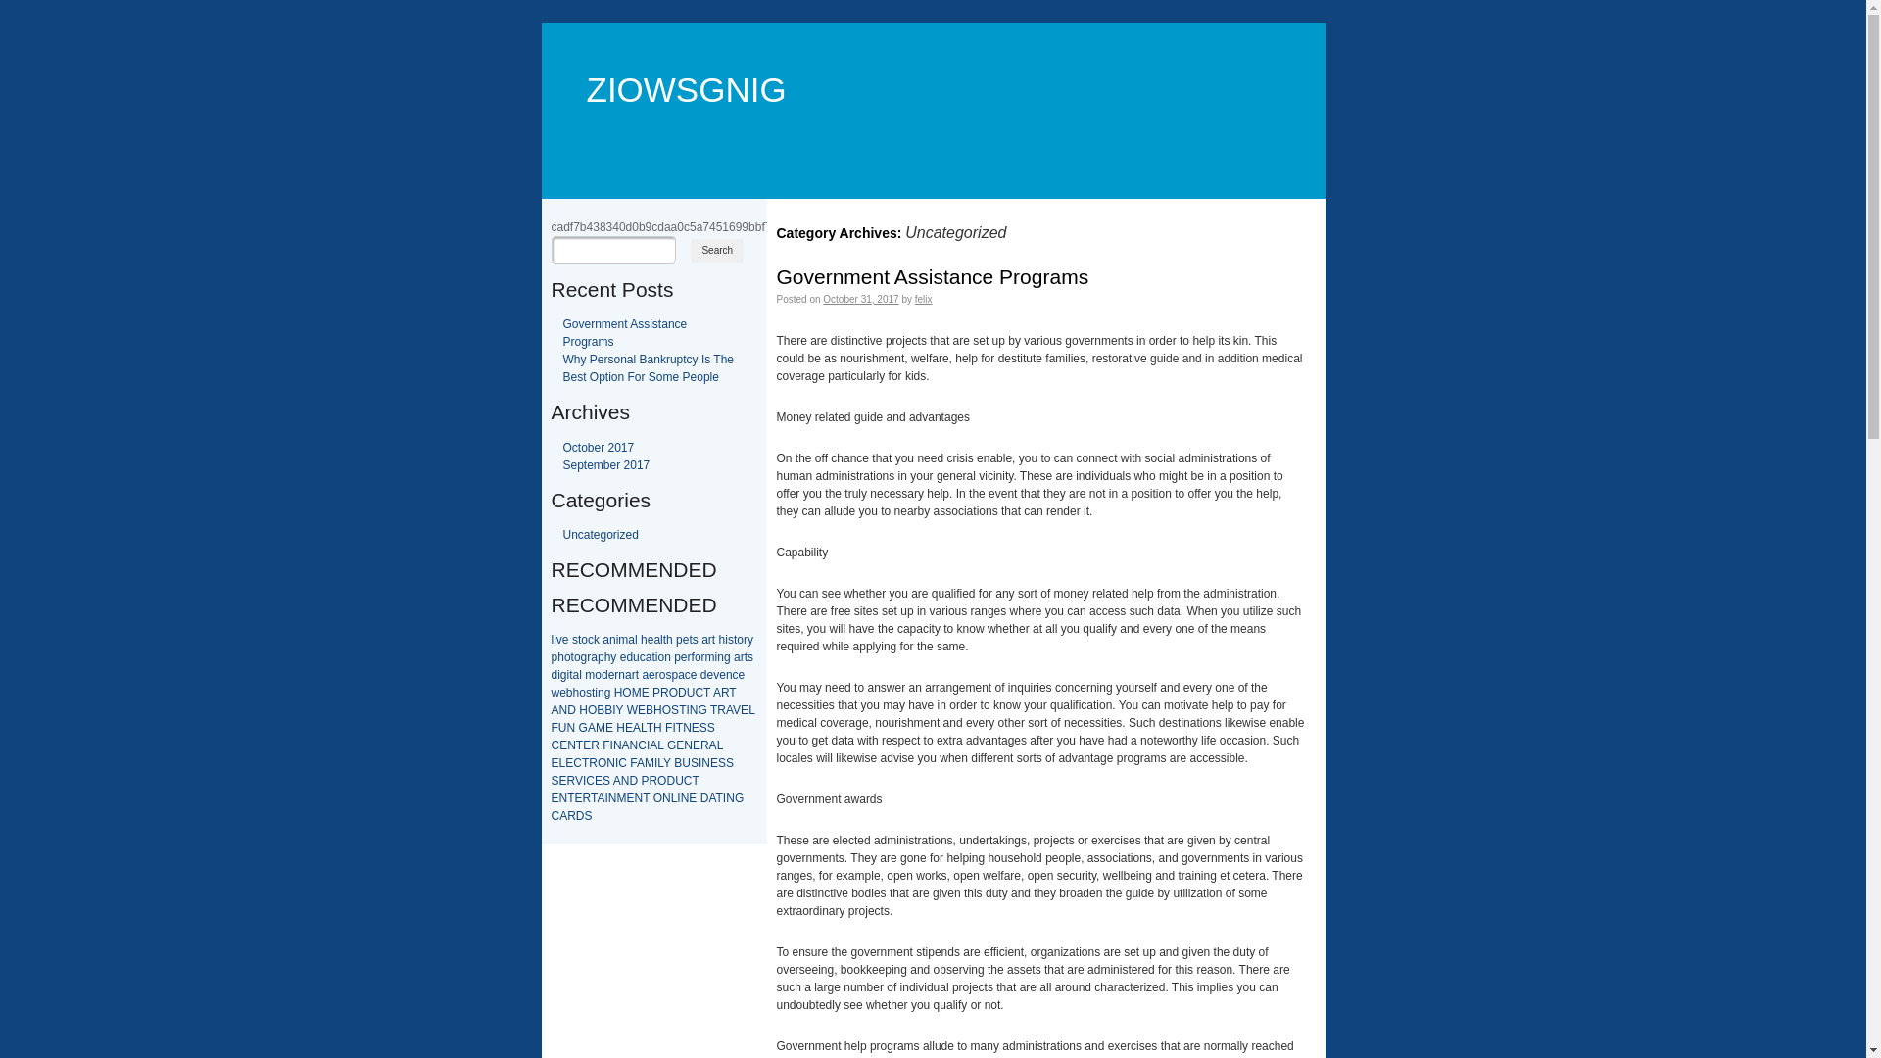  I want to click on 'E', so click(562, 780).